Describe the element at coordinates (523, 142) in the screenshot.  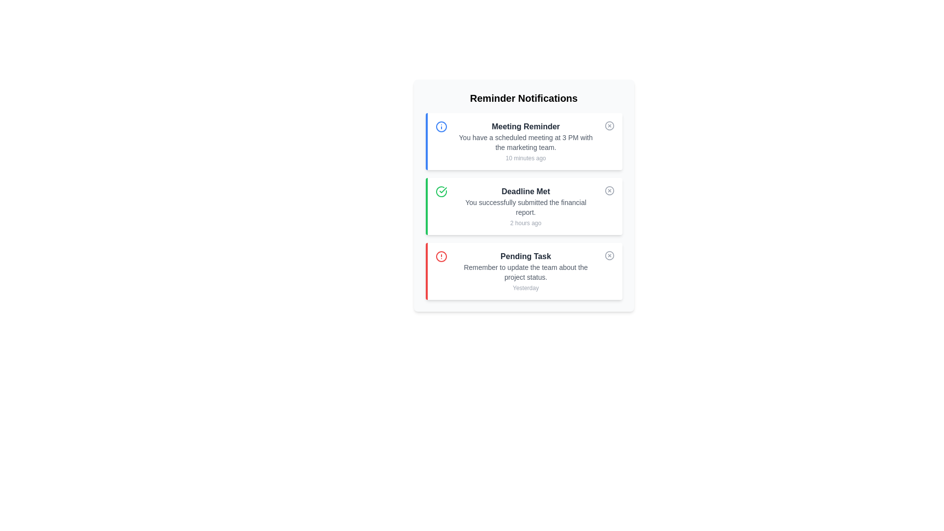
I see `the 'Meeting Reminder' notification card, which is the first item in the 'Reminder Notifications' list, by clicking on it` at that location.